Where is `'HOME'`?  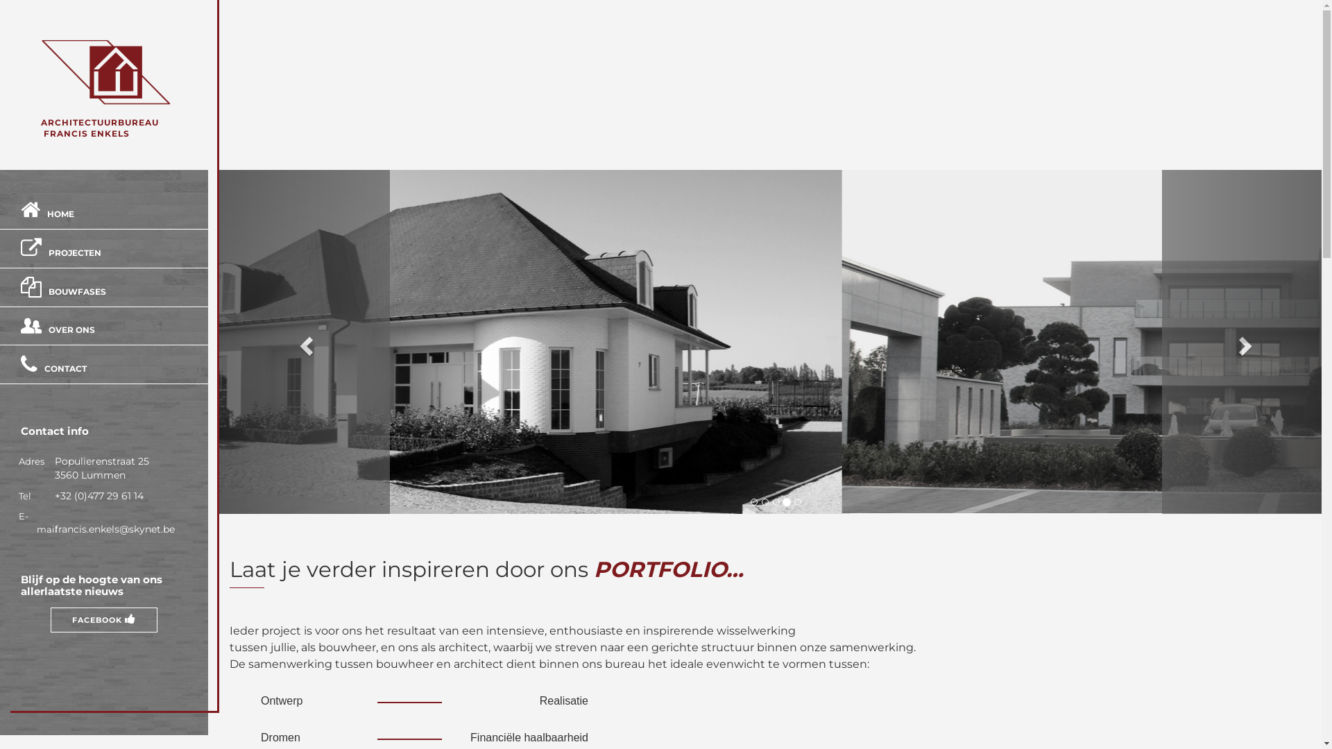
'HOME' is located at coordinates (60, 214).